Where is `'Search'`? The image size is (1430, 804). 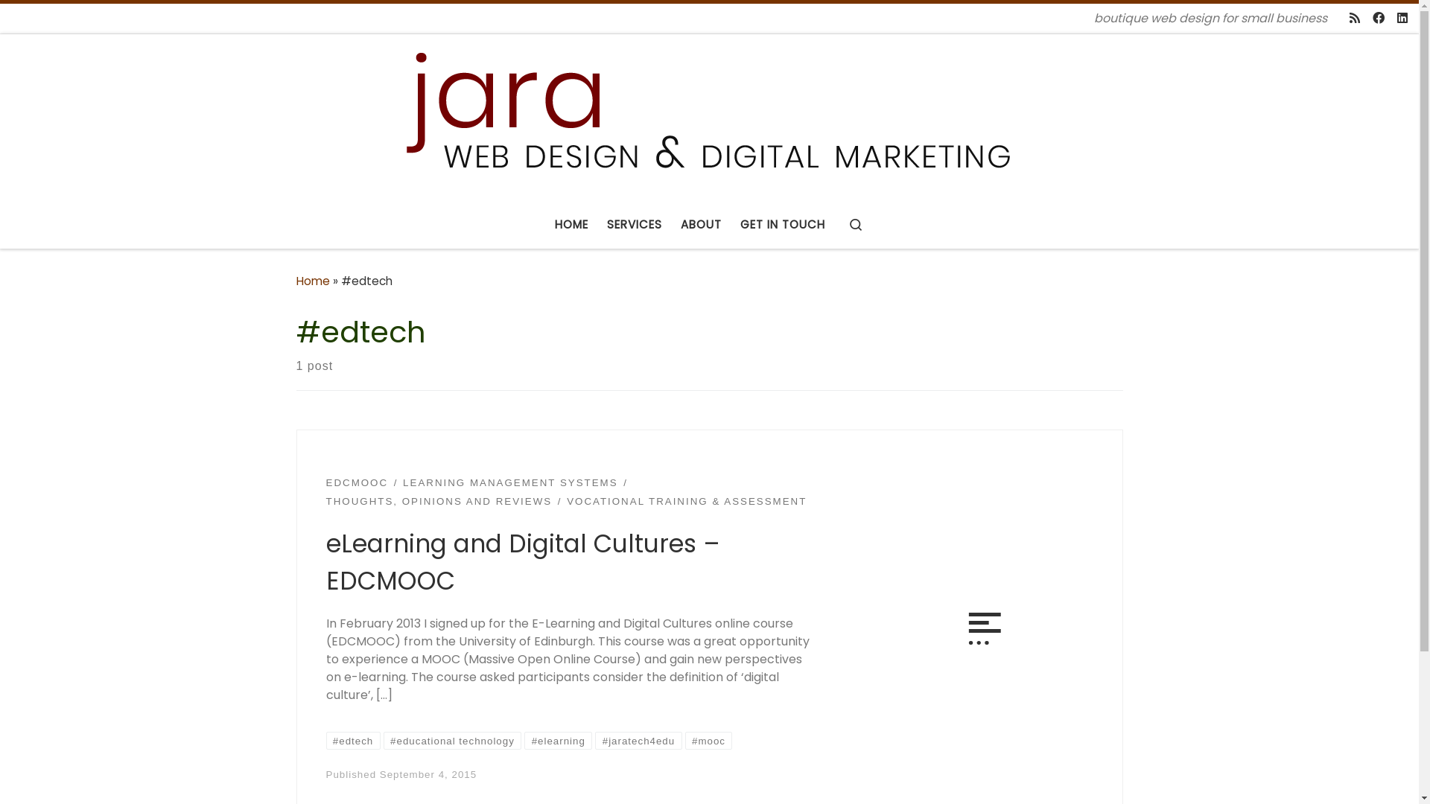
'Search' is located at coordinates (855, 225).